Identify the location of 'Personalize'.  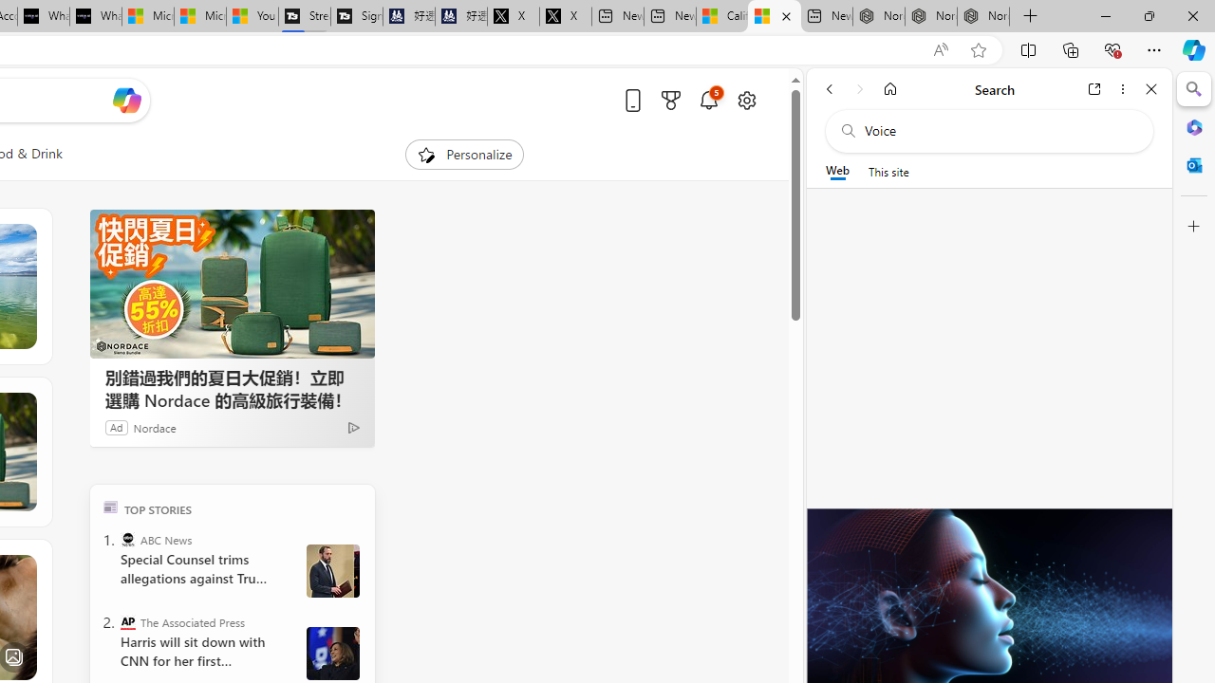
(463, 154).